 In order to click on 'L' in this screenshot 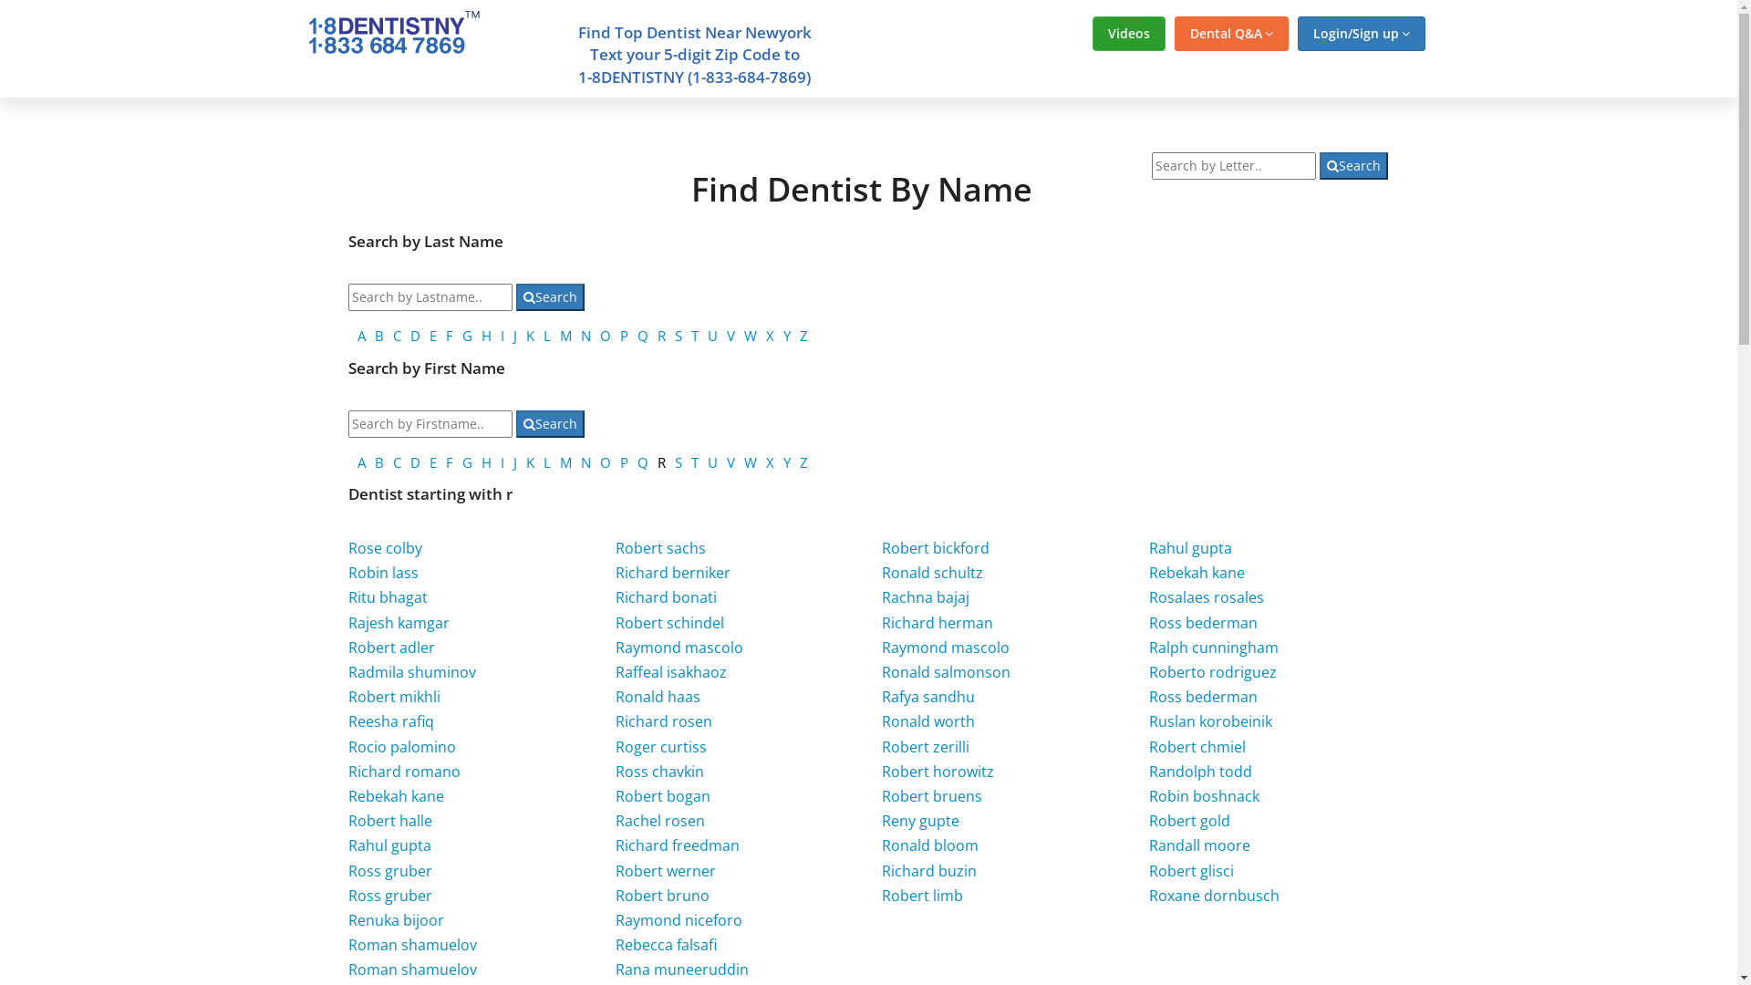, I will do `click(546, 461)`.